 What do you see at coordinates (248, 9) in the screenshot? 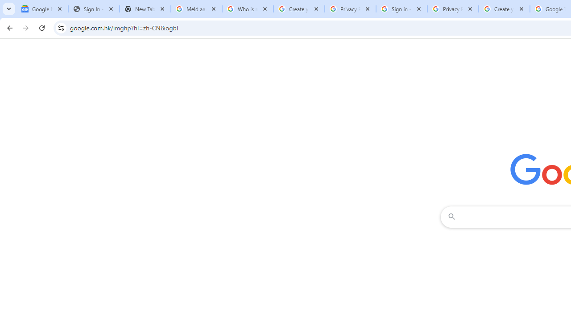
I see `'Who is my administrator? - Google Account Help'` at bounding box center [248, 9].